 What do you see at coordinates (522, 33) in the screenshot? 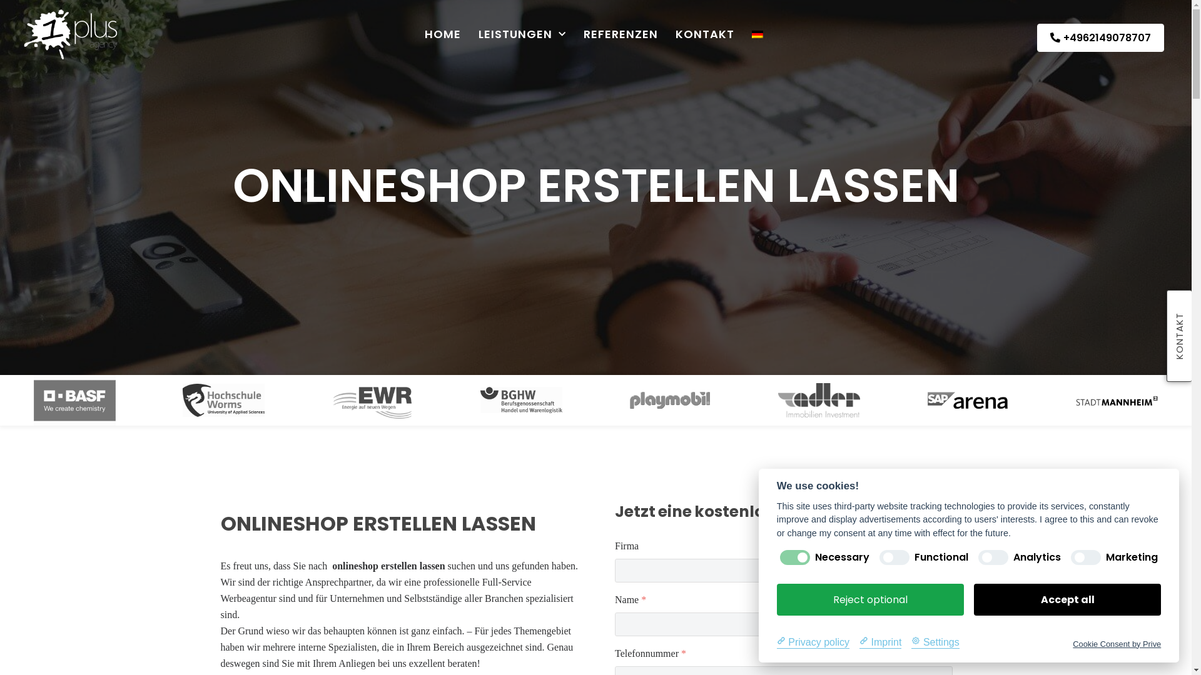
I see `'LEISTUNGEN'` at bounding box center [522, 33].